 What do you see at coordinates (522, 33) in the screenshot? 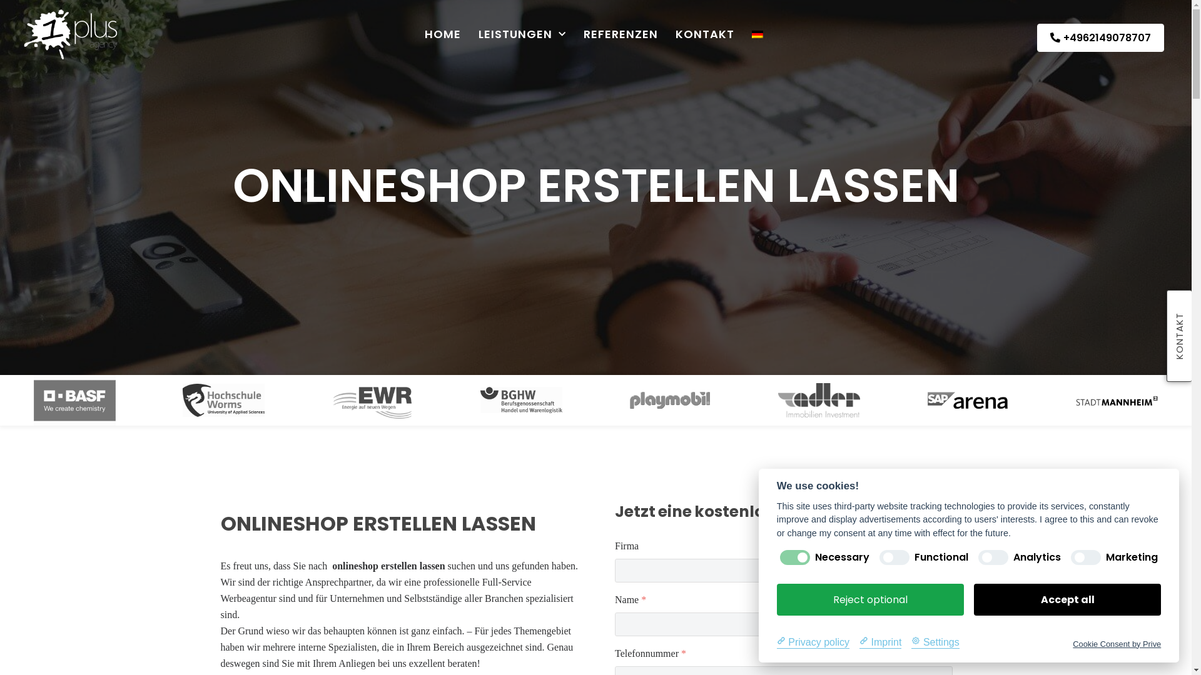
I see `'LEISTUNGEN'` at bounding box center [522, 33].